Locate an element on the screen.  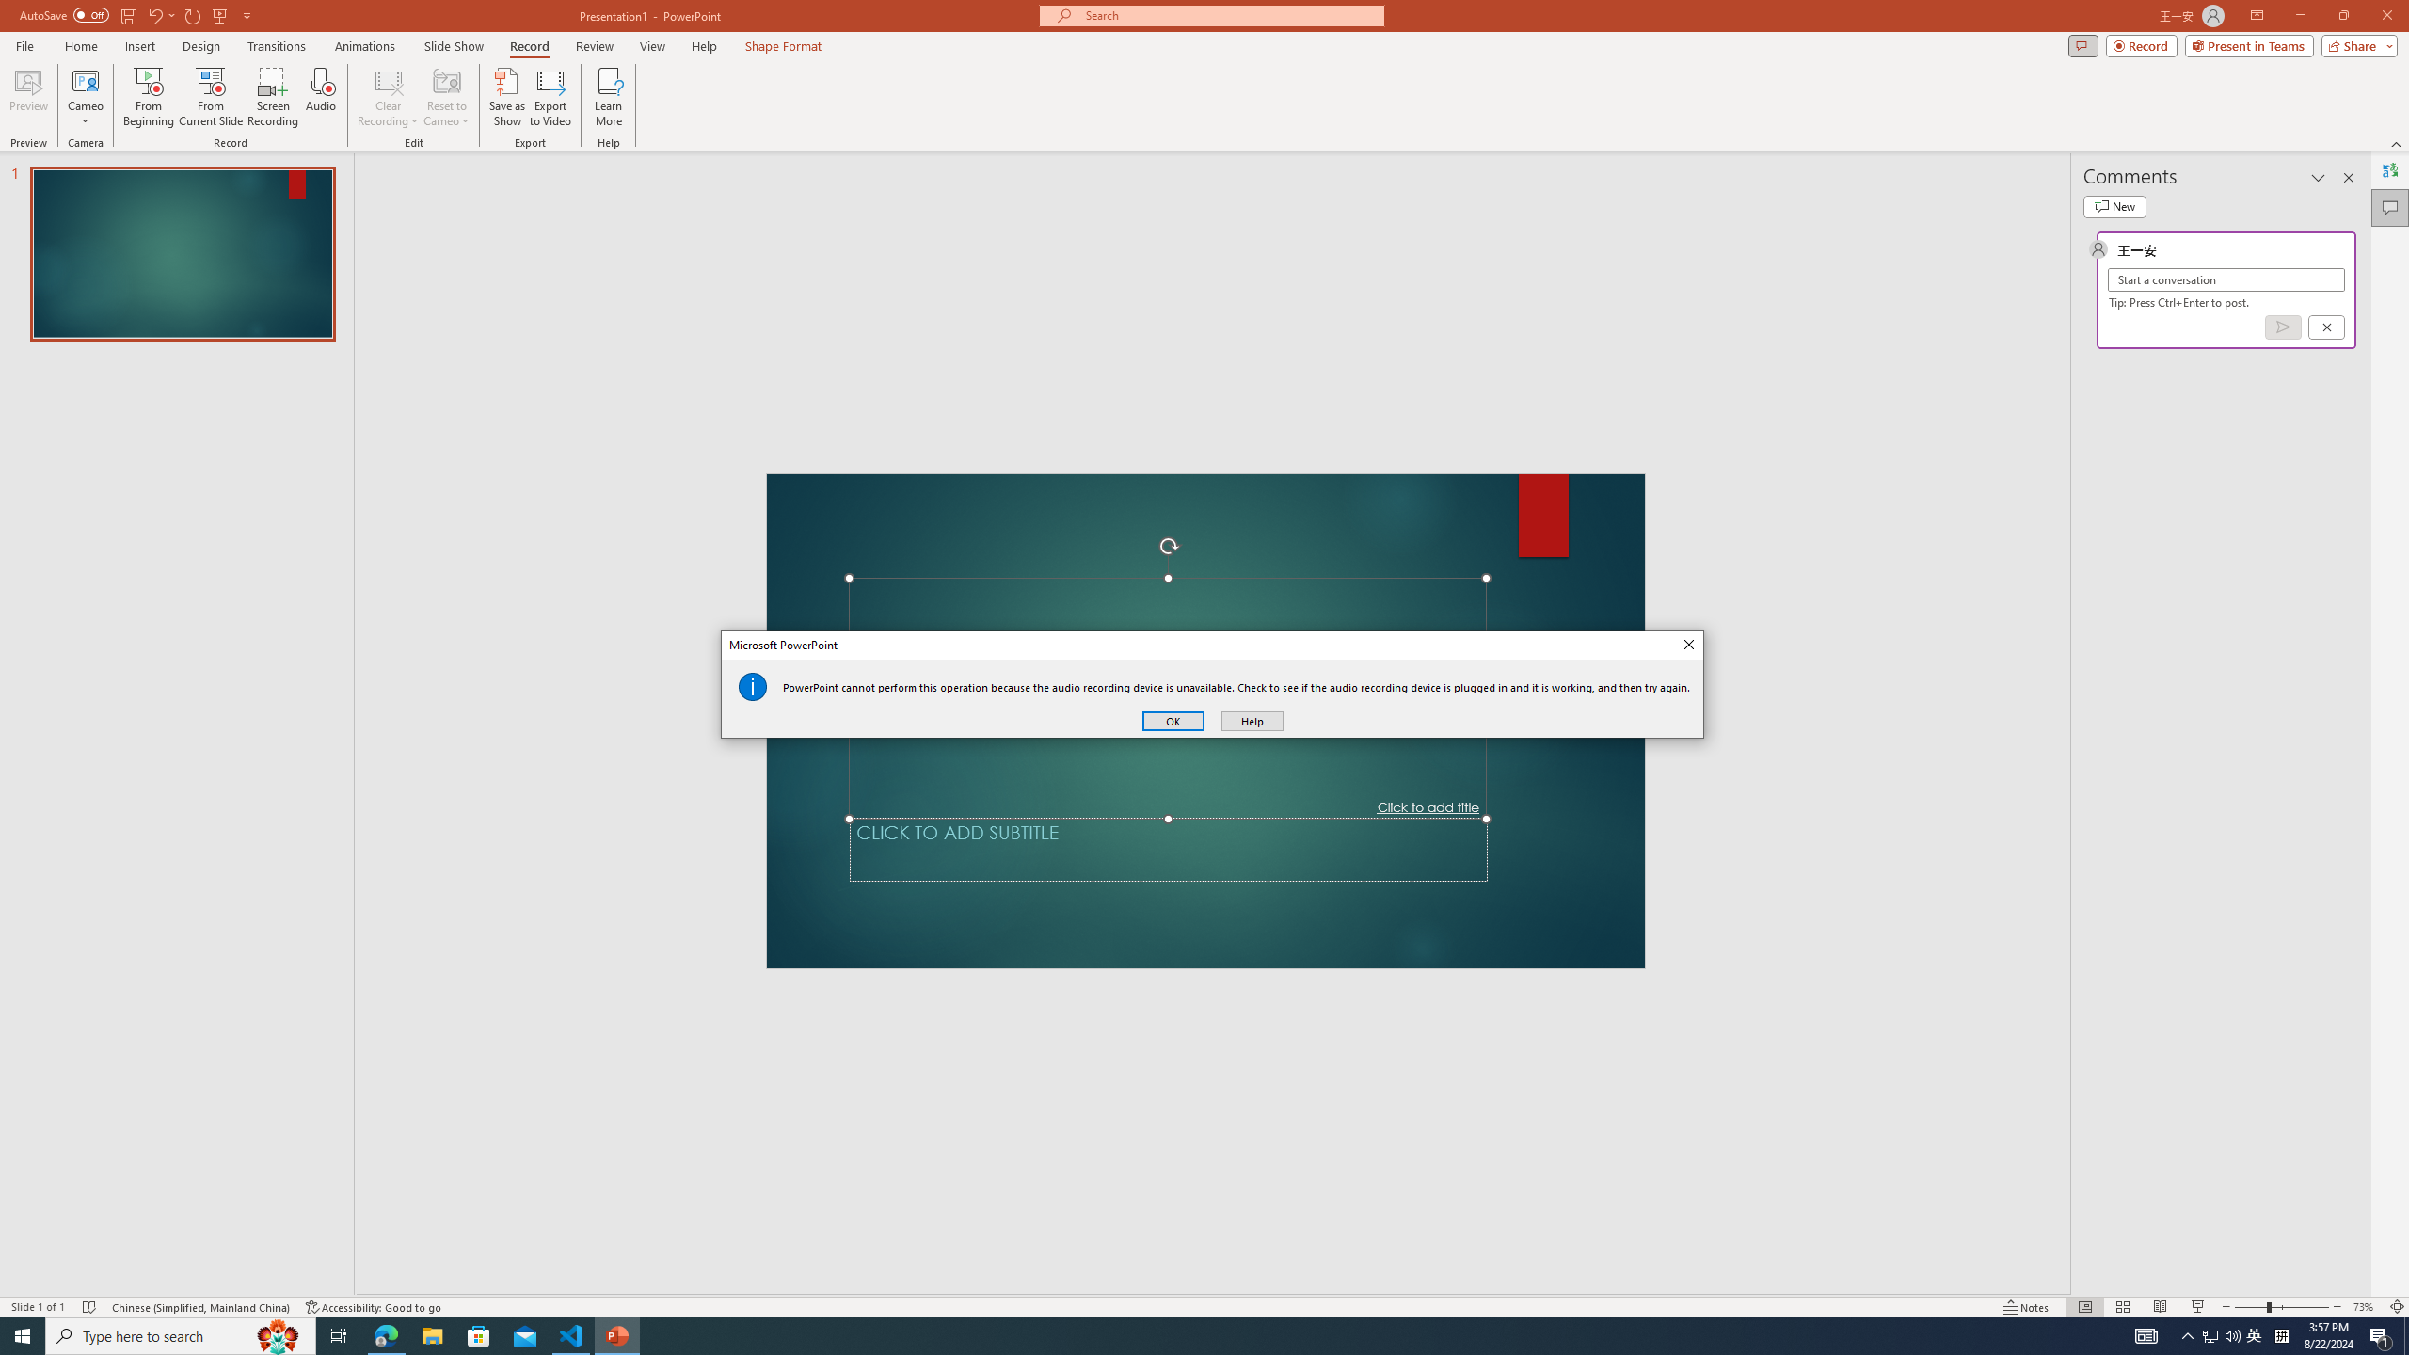
'Class: Static' is located at coordinates (752, 686).